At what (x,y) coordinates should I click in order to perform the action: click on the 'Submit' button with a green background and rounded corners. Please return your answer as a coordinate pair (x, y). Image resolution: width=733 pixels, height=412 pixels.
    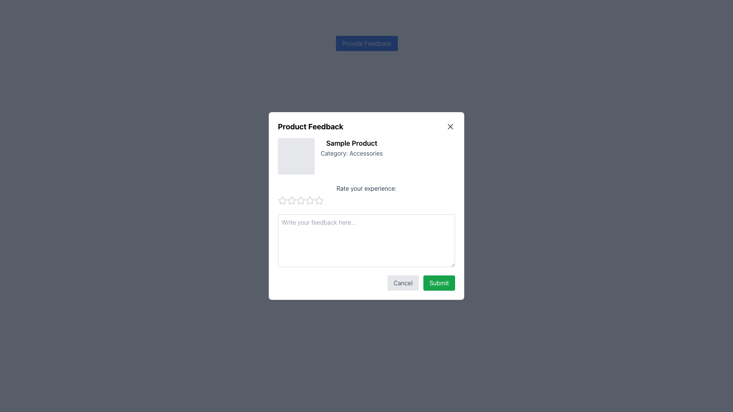
    Looking at the image, I should click on (439, 283).